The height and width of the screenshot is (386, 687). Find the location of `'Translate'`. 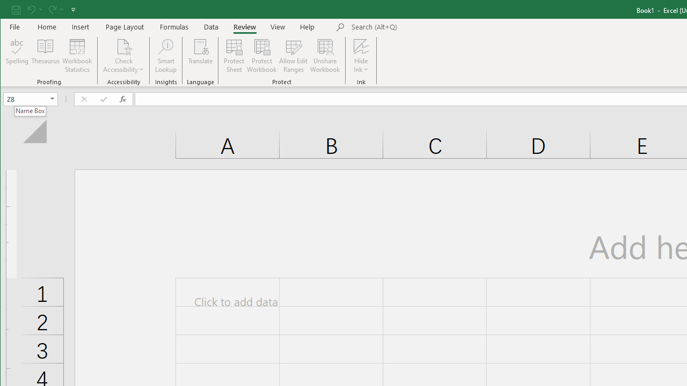

'Translate' is located at coordinates (200, 56).